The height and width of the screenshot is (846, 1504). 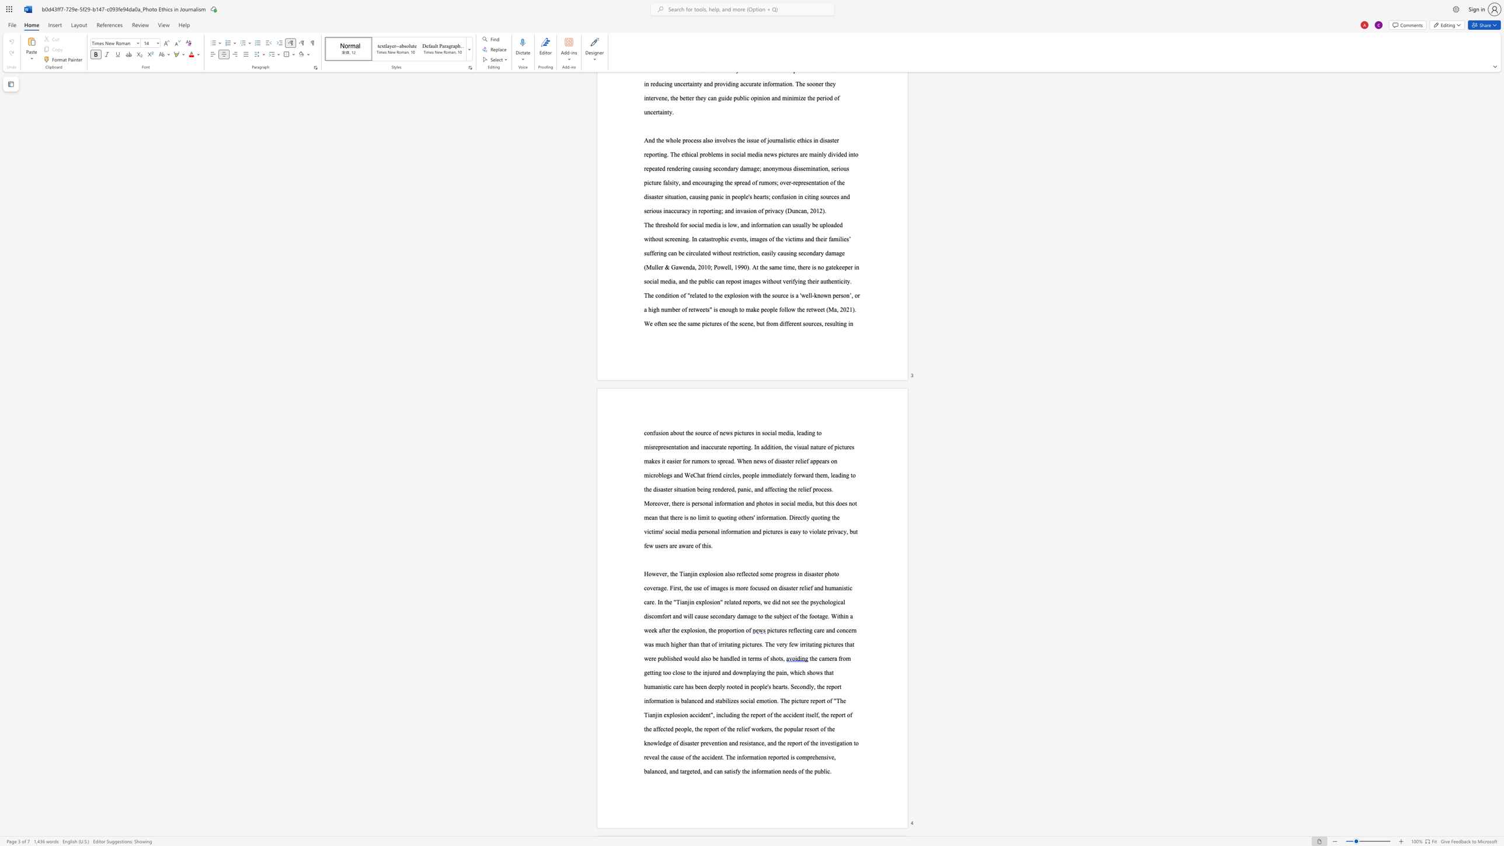 I want to click on the subset text "formation and photos in social media, but this does not mean that there is no limit to quoting others" within the text ", panic, and affecting the relief process. Moreover, there is personal information and photos in social media, but this does not mean that there is no limit to quoting others", so click(x=719, y=503).